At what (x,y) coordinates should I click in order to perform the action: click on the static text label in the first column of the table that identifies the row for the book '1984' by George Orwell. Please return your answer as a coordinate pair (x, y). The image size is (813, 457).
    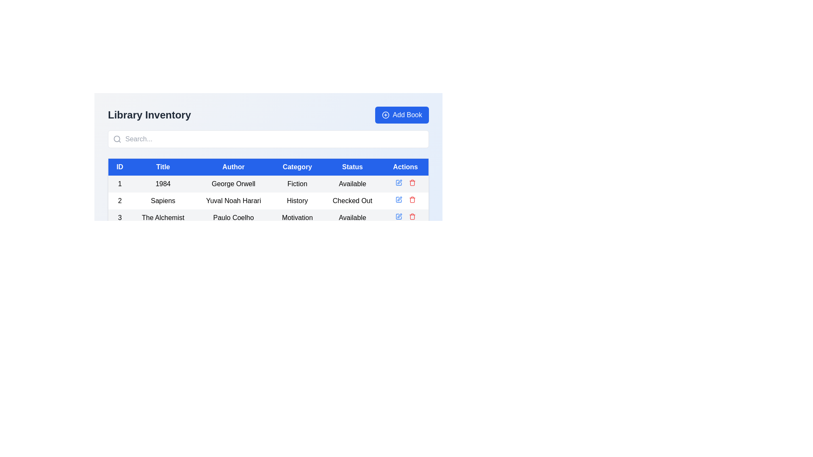
    Looking at the image, I should click on (119, 184).